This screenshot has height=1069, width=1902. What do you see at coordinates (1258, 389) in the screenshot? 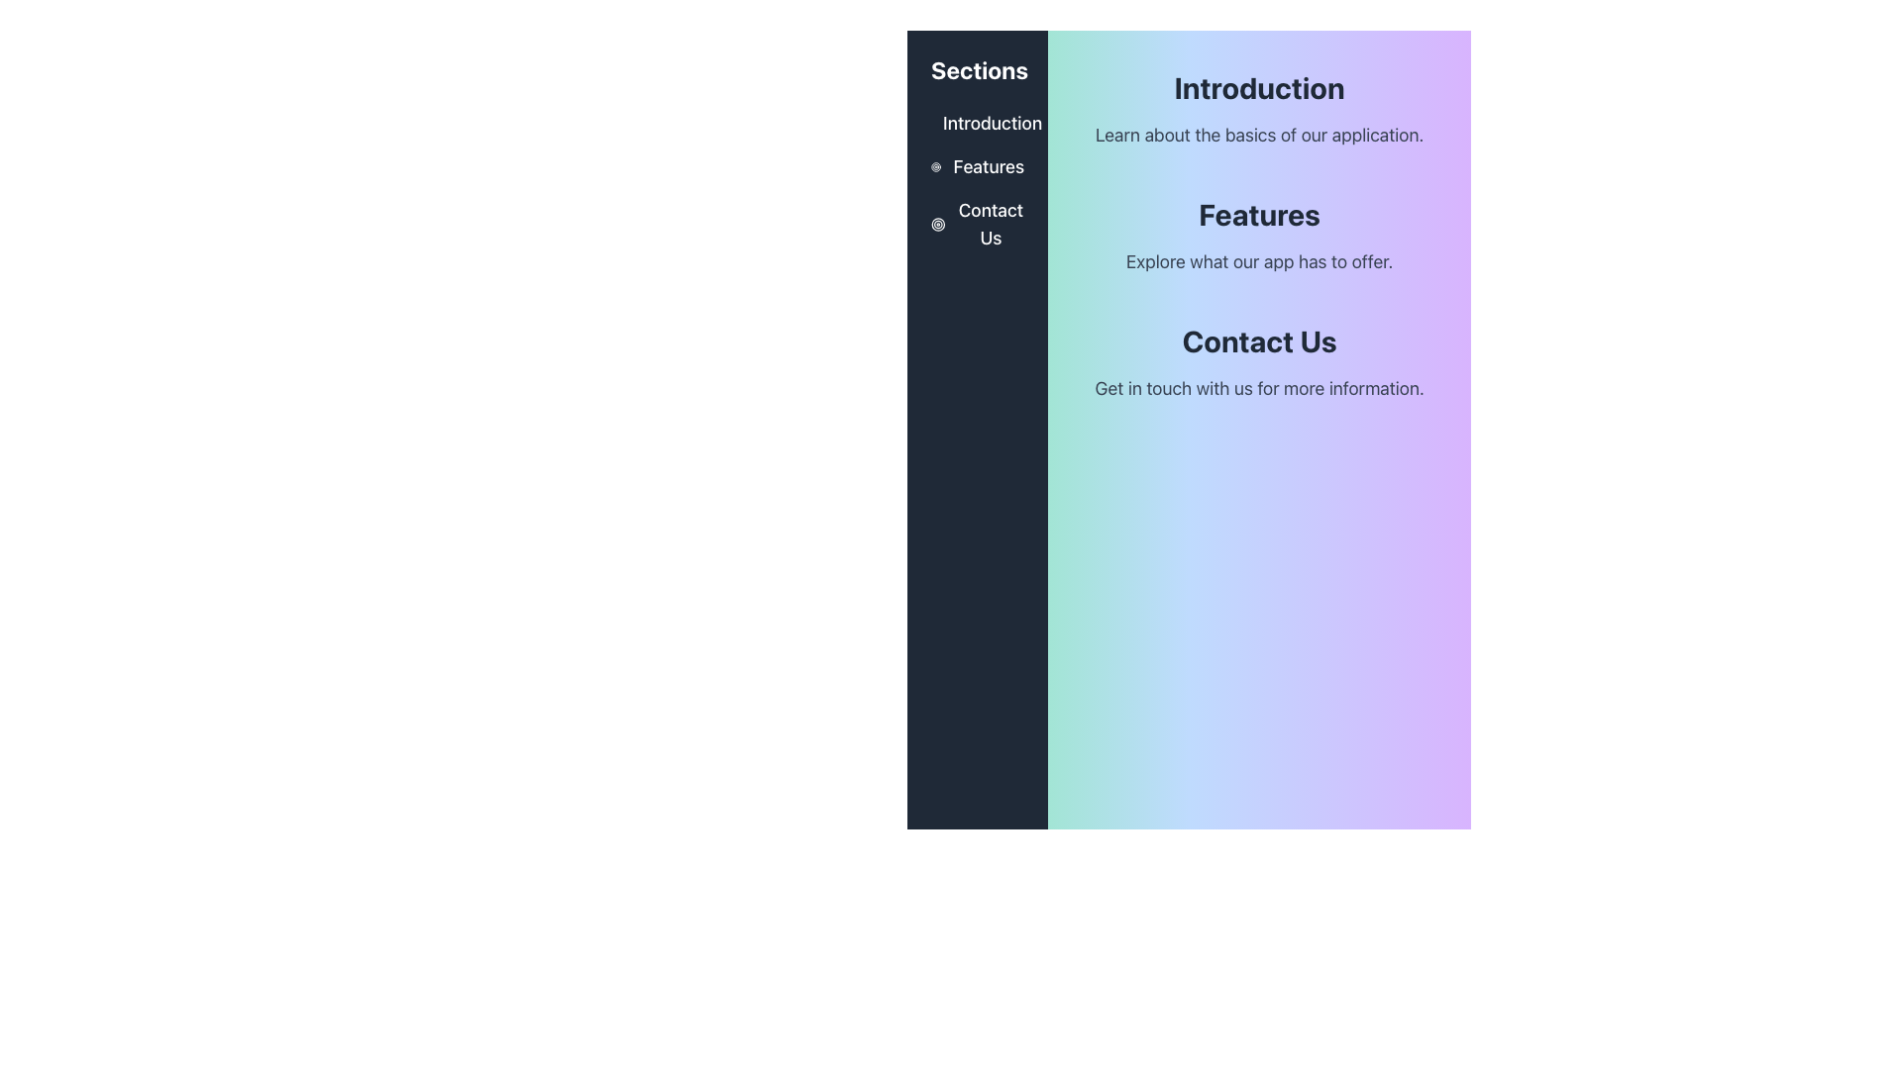
I see `the text element providing additional information related to contacting the organization, located directly below the 'Contact Us' heading in the right pane of the interface` at bounding box center [1258, 389].